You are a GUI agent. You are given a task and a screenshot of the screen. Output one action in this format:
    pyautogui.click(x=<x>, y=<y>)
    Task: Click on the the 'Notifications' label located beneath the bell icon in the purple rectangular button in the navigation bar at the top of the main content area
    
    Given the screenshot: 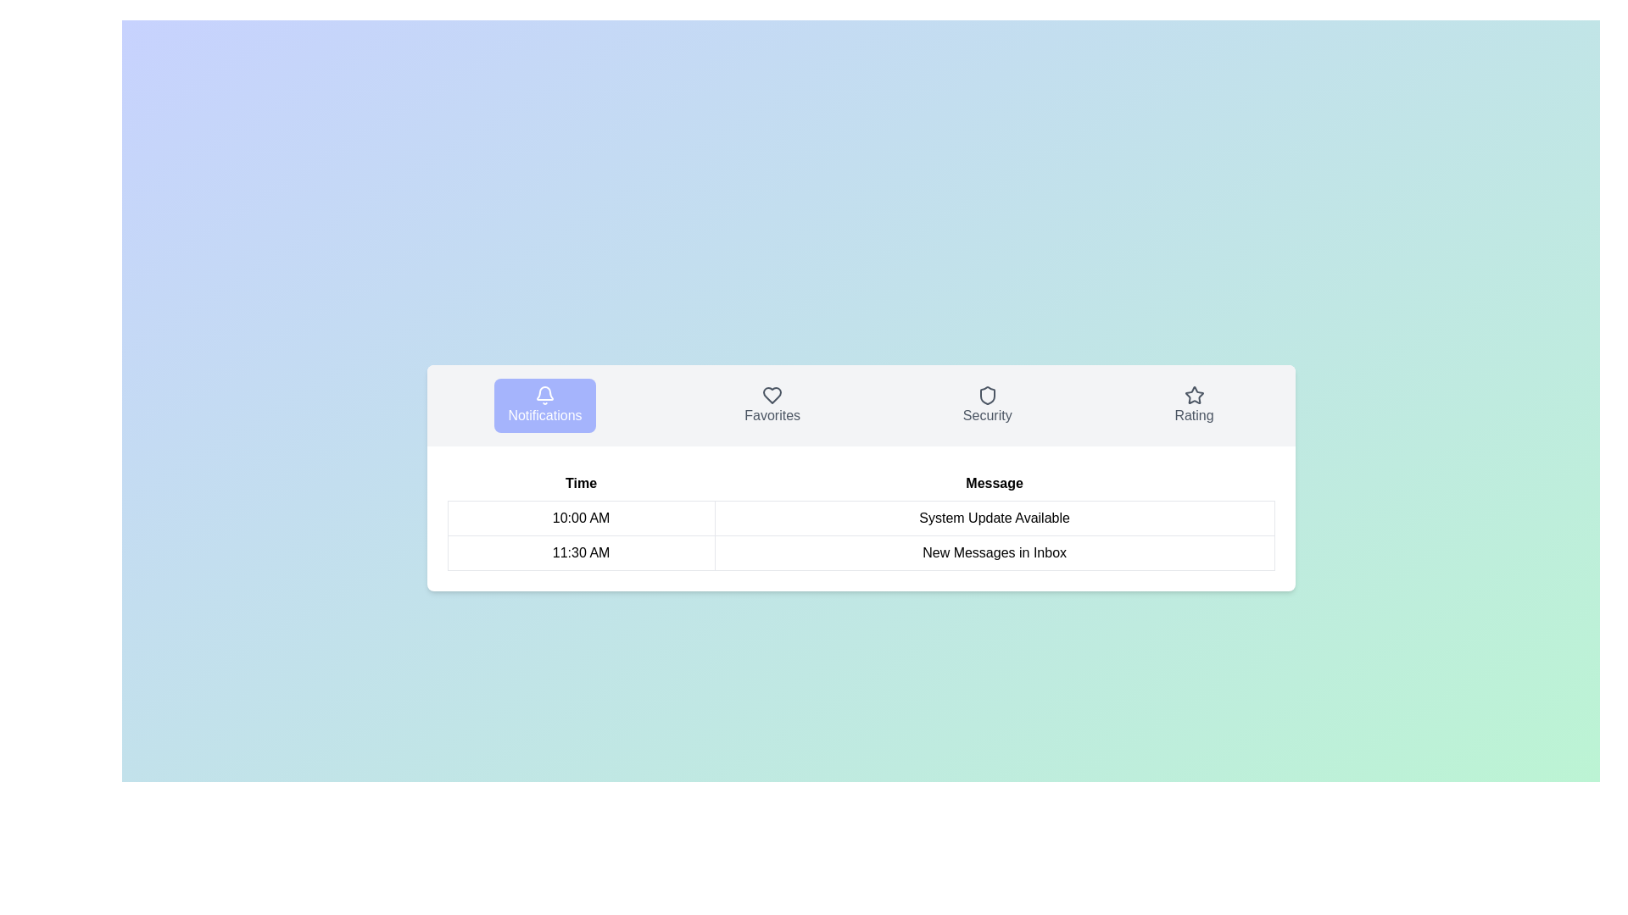 What is the action you would take?
    pyautogui.click(x=545, y=415)
    